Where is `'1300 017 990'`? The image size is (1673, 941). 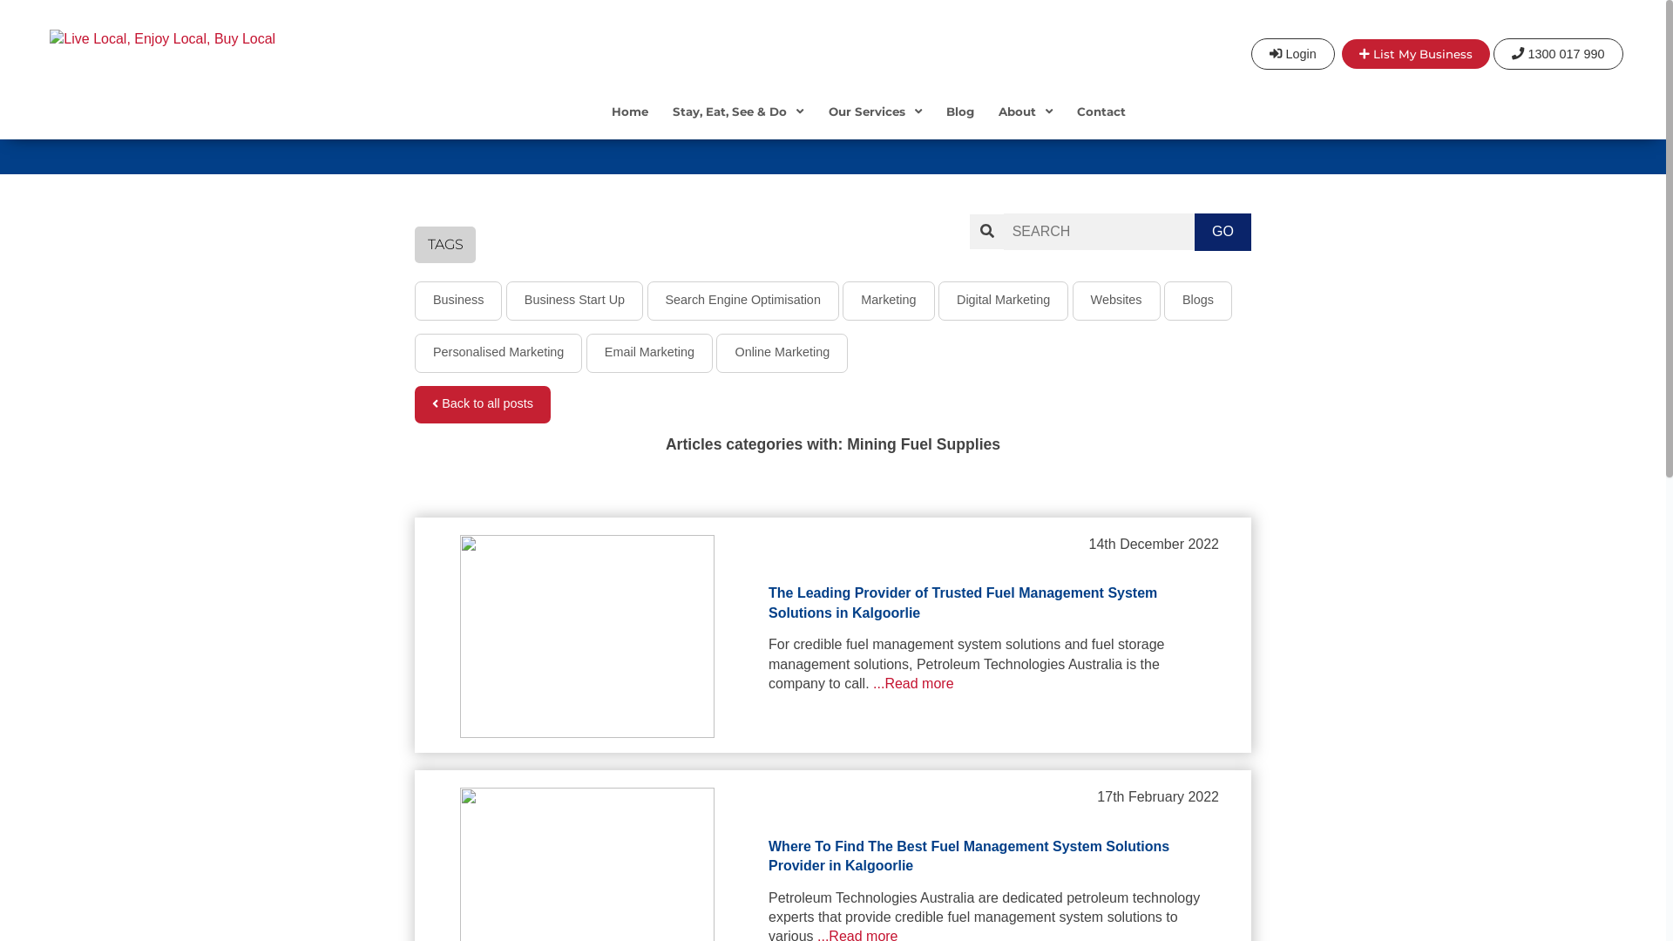
'1300 017 990' is located at coordinates (1558, 52).